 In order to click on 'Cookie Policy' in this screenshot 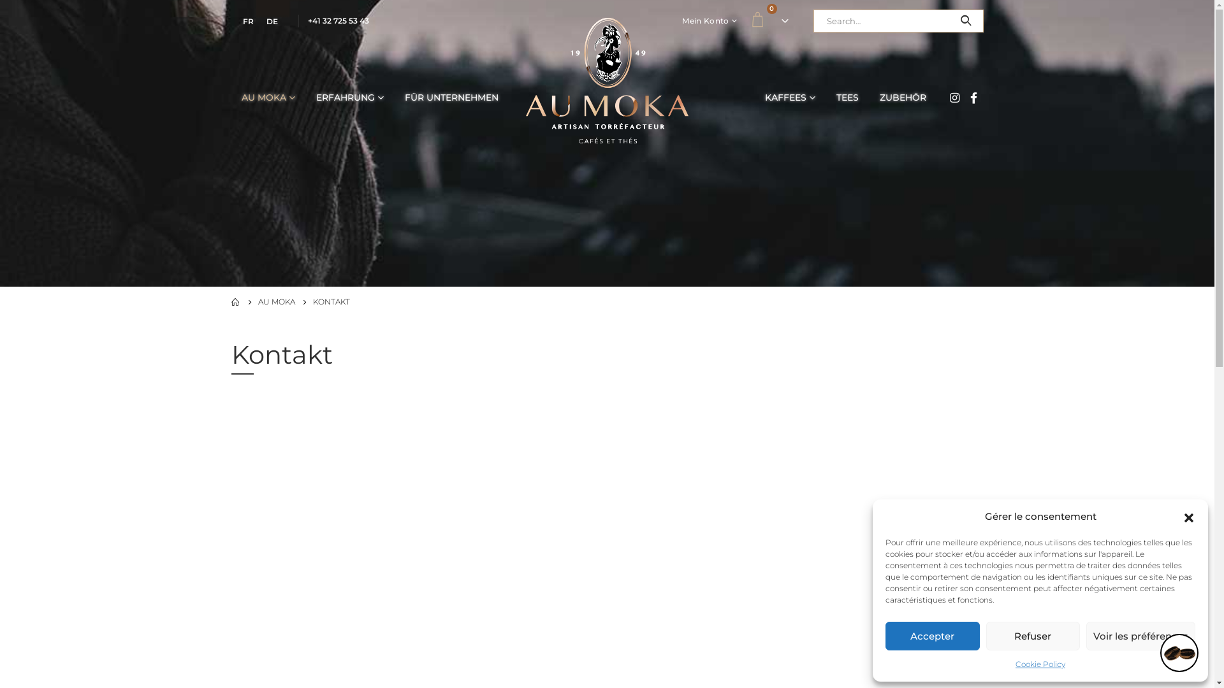, I will do `click(1040, 663)`.